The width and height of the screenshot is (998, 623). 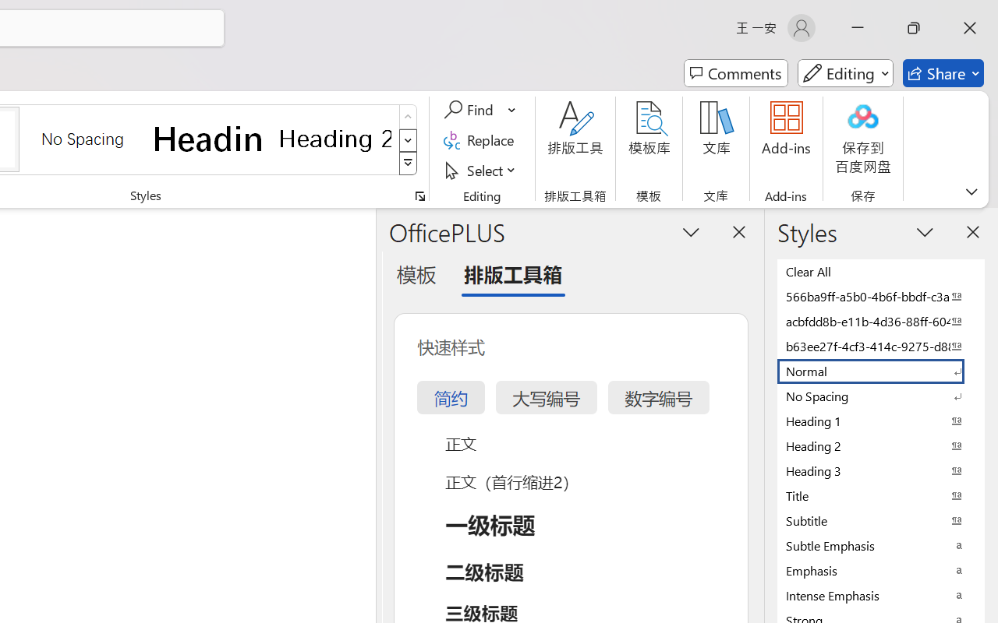 I want to click on 'Select', so click(x=481, y=170).